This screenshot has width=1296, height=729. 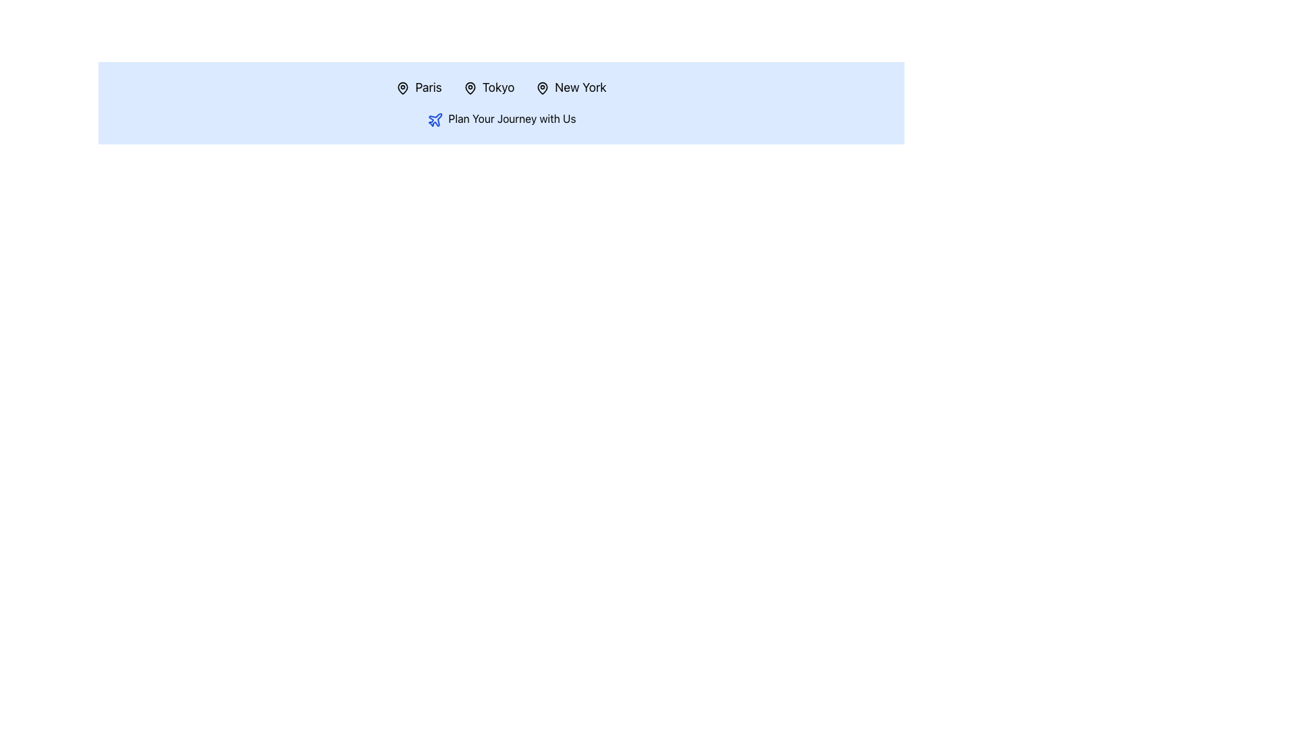 I want to click on the interactive hyperlink representing the city Tokyo to trigger the underline effect, so click(x=488, y=87).